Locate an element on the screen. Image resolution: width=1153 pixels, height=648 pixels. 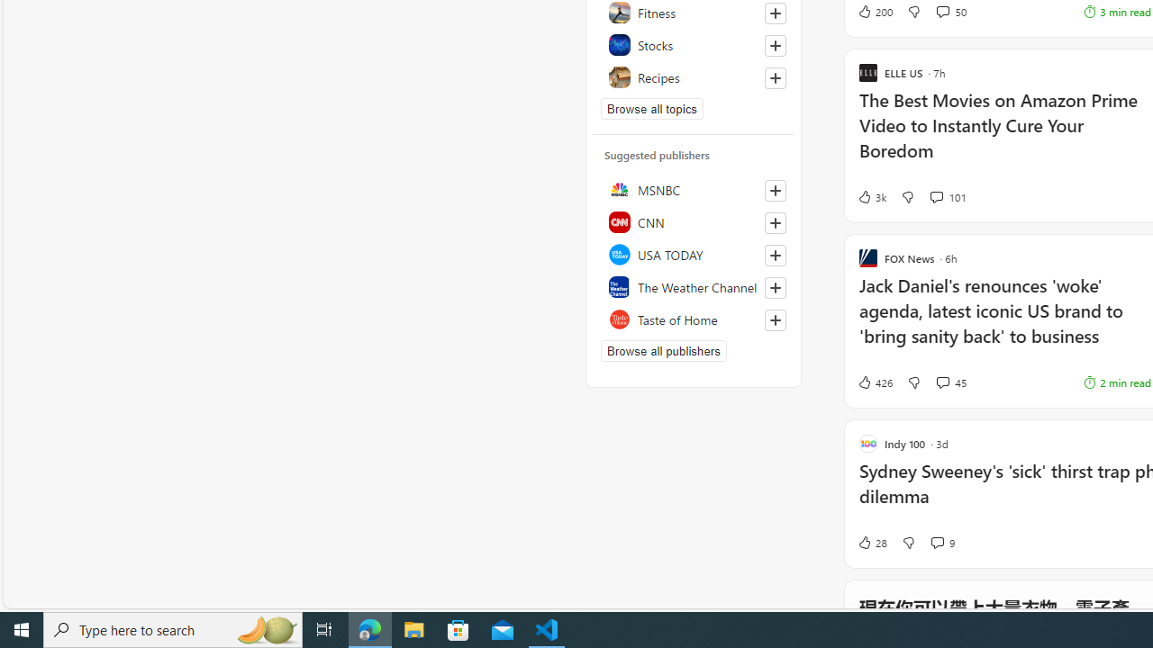
'View comments 45 Comment' is located at coordinates (941, 381).